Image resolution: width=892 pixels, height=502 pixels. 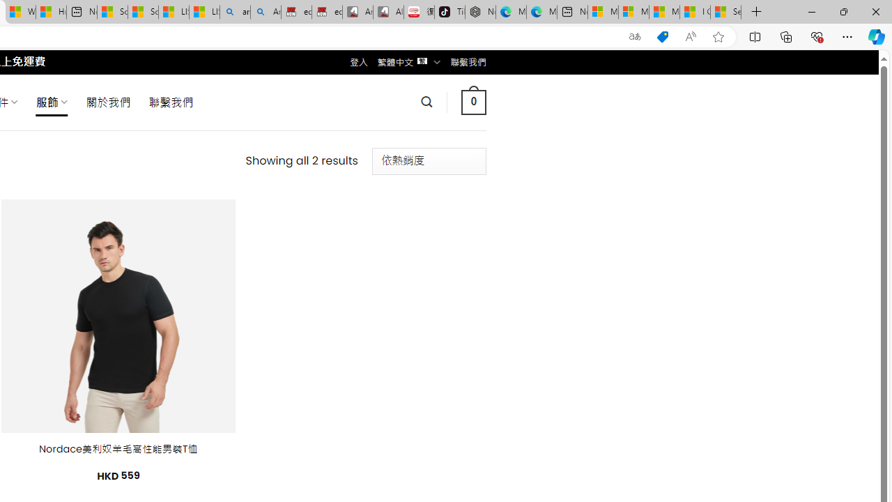 What do you see at coordinates (449, 12) in the screenshot?
I see `'TikTok'` at bounding box center [449, 12].